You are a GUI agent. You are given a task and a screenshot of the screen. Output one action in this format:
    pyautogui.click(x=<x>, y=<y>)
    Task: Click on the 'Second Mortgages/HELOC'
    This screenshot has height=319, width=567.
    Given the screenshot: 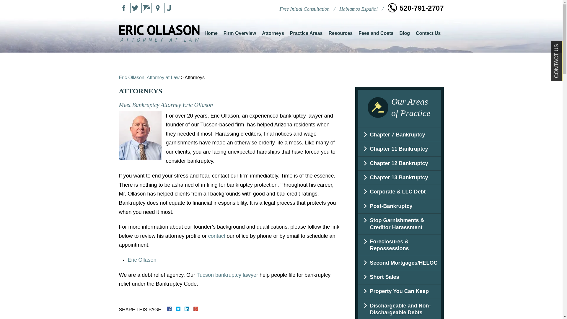 What is the action you would take?
    pyautogui.click(x=399, y=263)
    